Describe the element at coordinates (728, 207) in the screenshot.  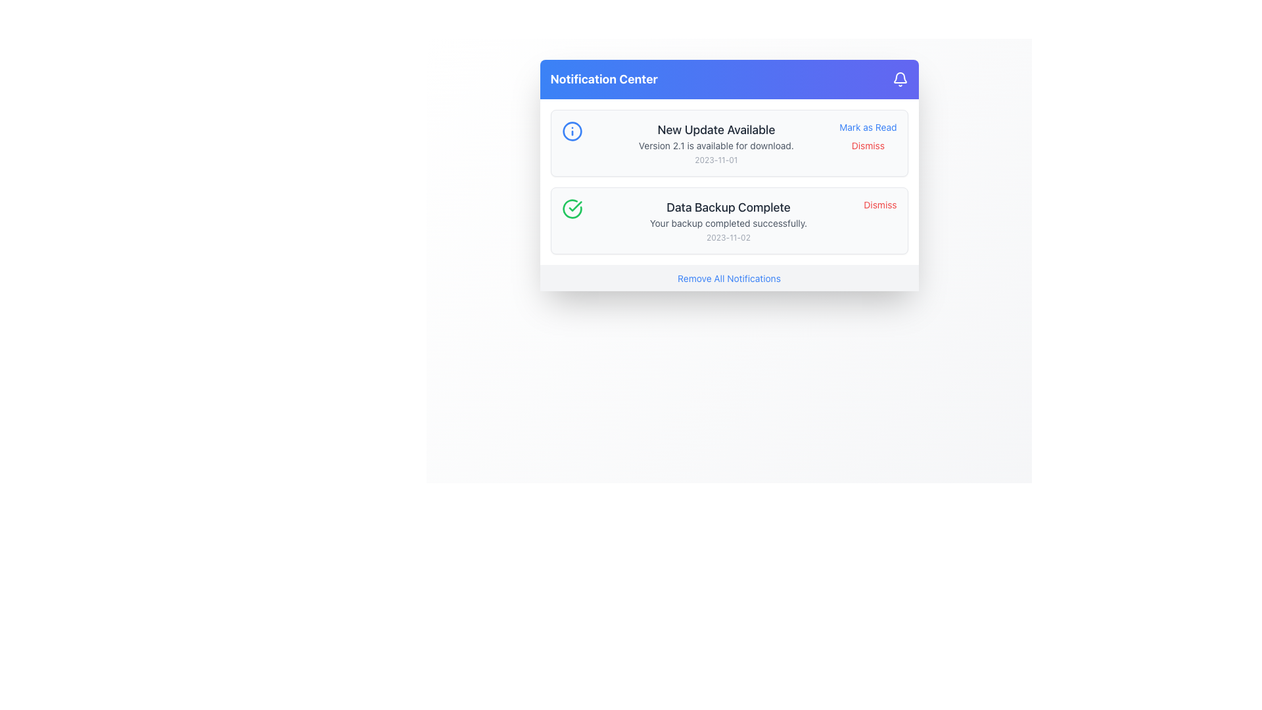
I see `the text label displaying 'Data Backup Complete'` at that location.